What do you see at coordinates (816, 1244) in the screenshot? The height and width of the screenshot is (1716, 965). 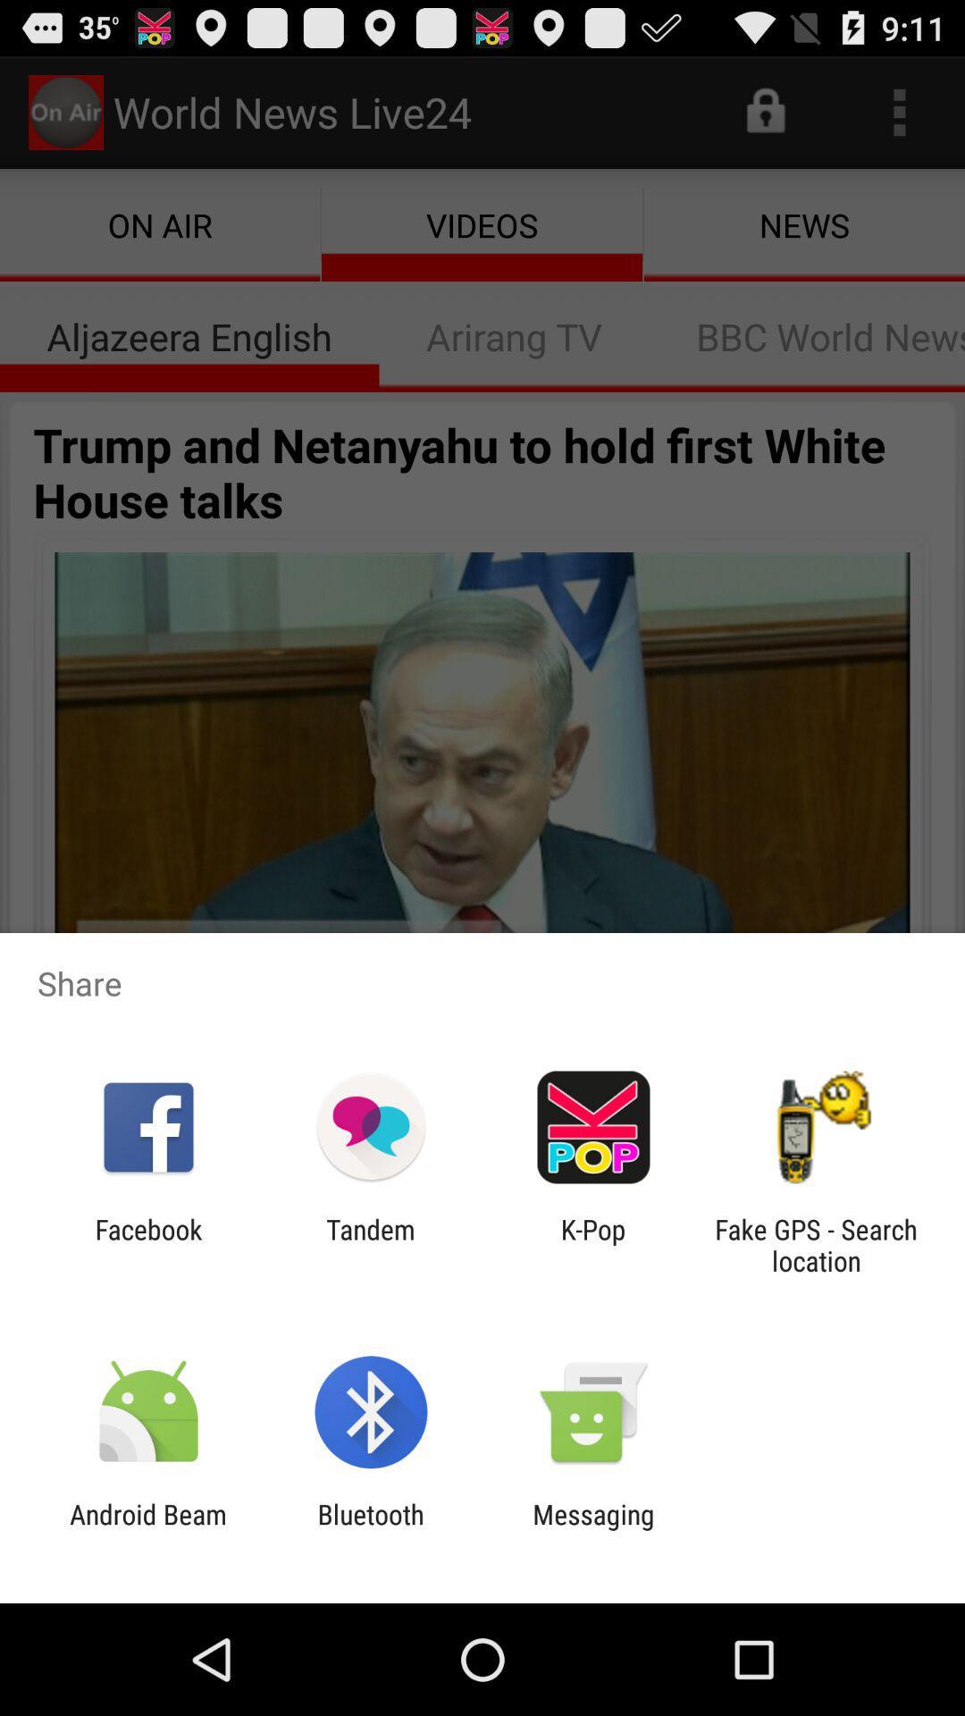 I see `icon next to k-pop icon` at bounding box center [816, 1244].